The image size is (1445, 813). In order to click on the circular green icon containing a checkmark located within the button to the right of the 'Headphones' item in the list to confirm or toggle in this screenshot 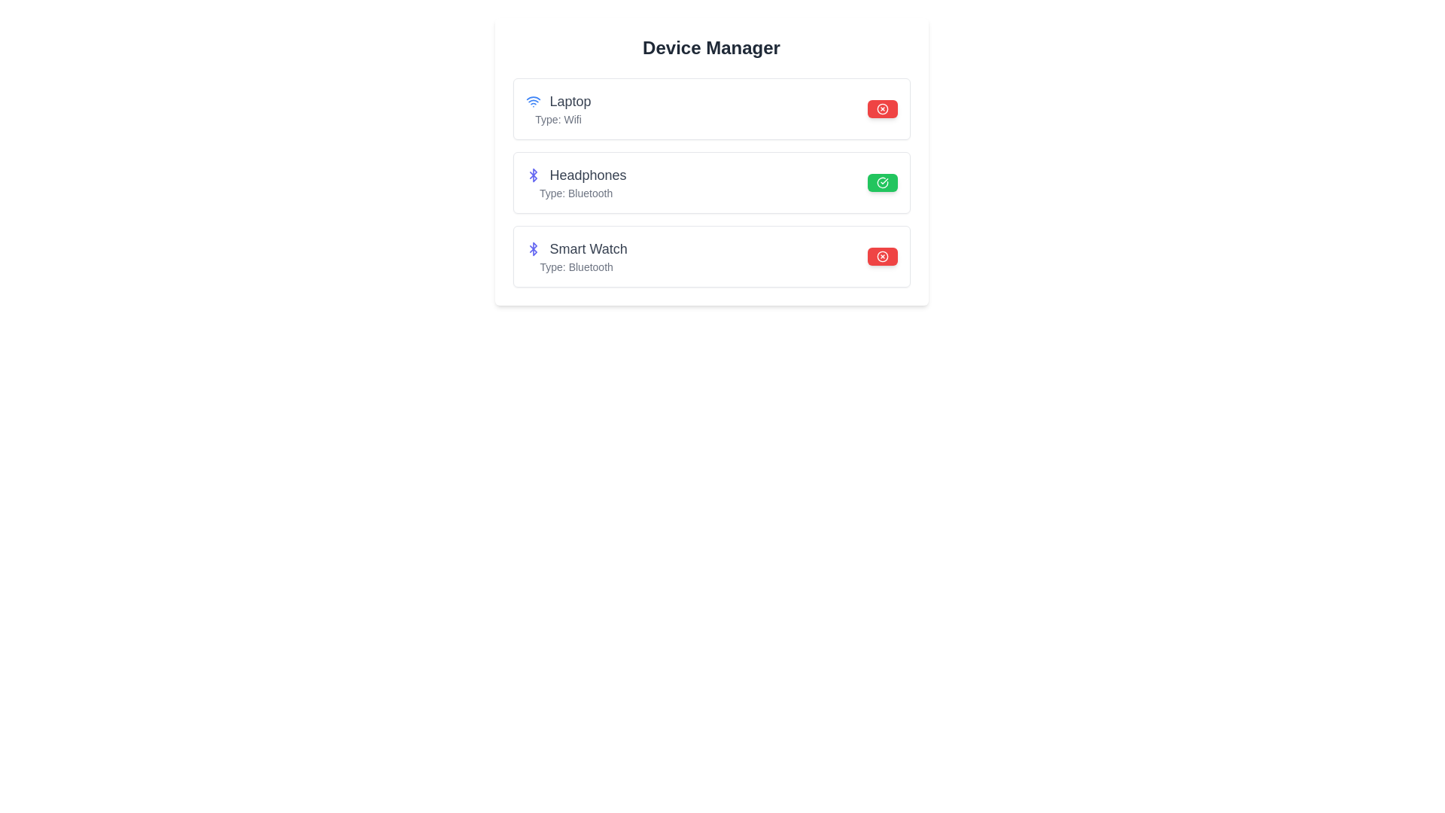, I will do `click(882, 182)`.